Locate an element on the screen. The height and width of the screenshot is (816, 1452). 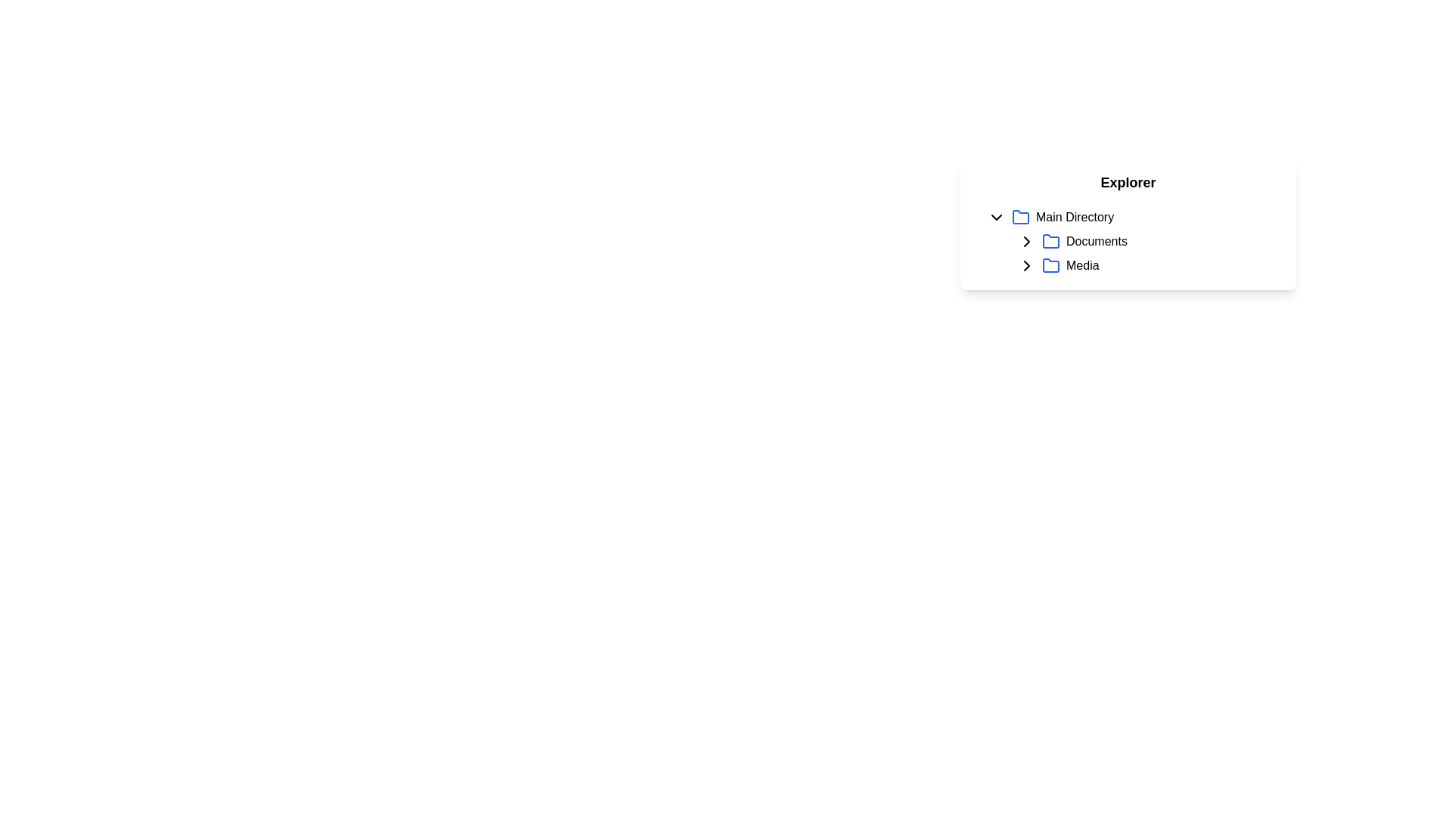
the blue folder icon in the navigation panel, located before the 'Main Directory' label, to observe its visual change or tooltip is located at coordinates (1020, 218).